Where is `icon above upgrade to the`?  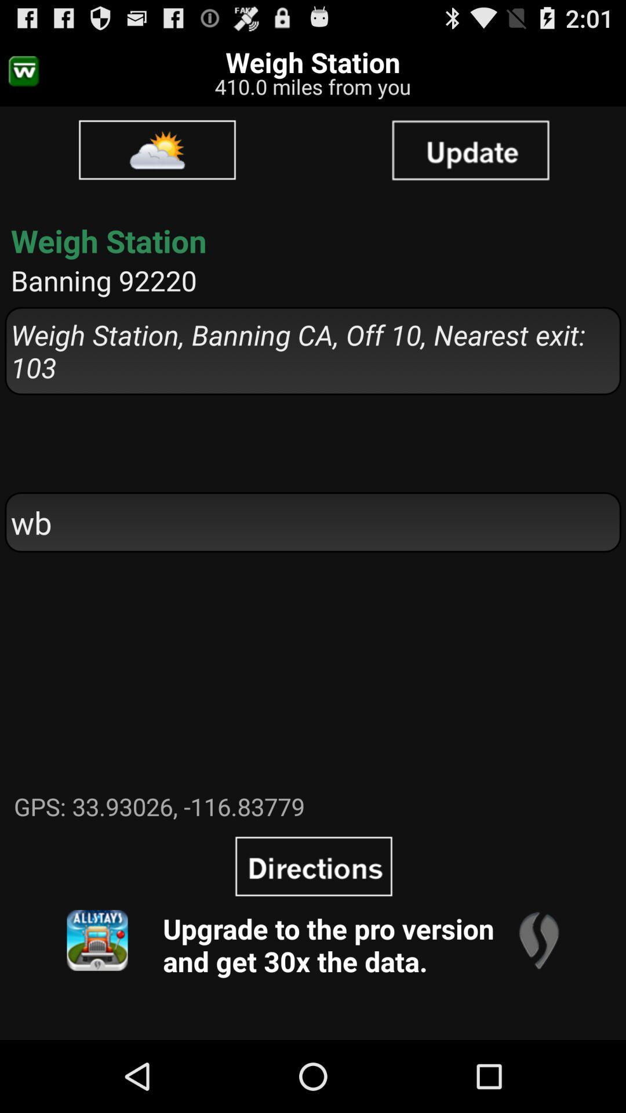
icon above upgrade to the is located at coordinates (314, 866).